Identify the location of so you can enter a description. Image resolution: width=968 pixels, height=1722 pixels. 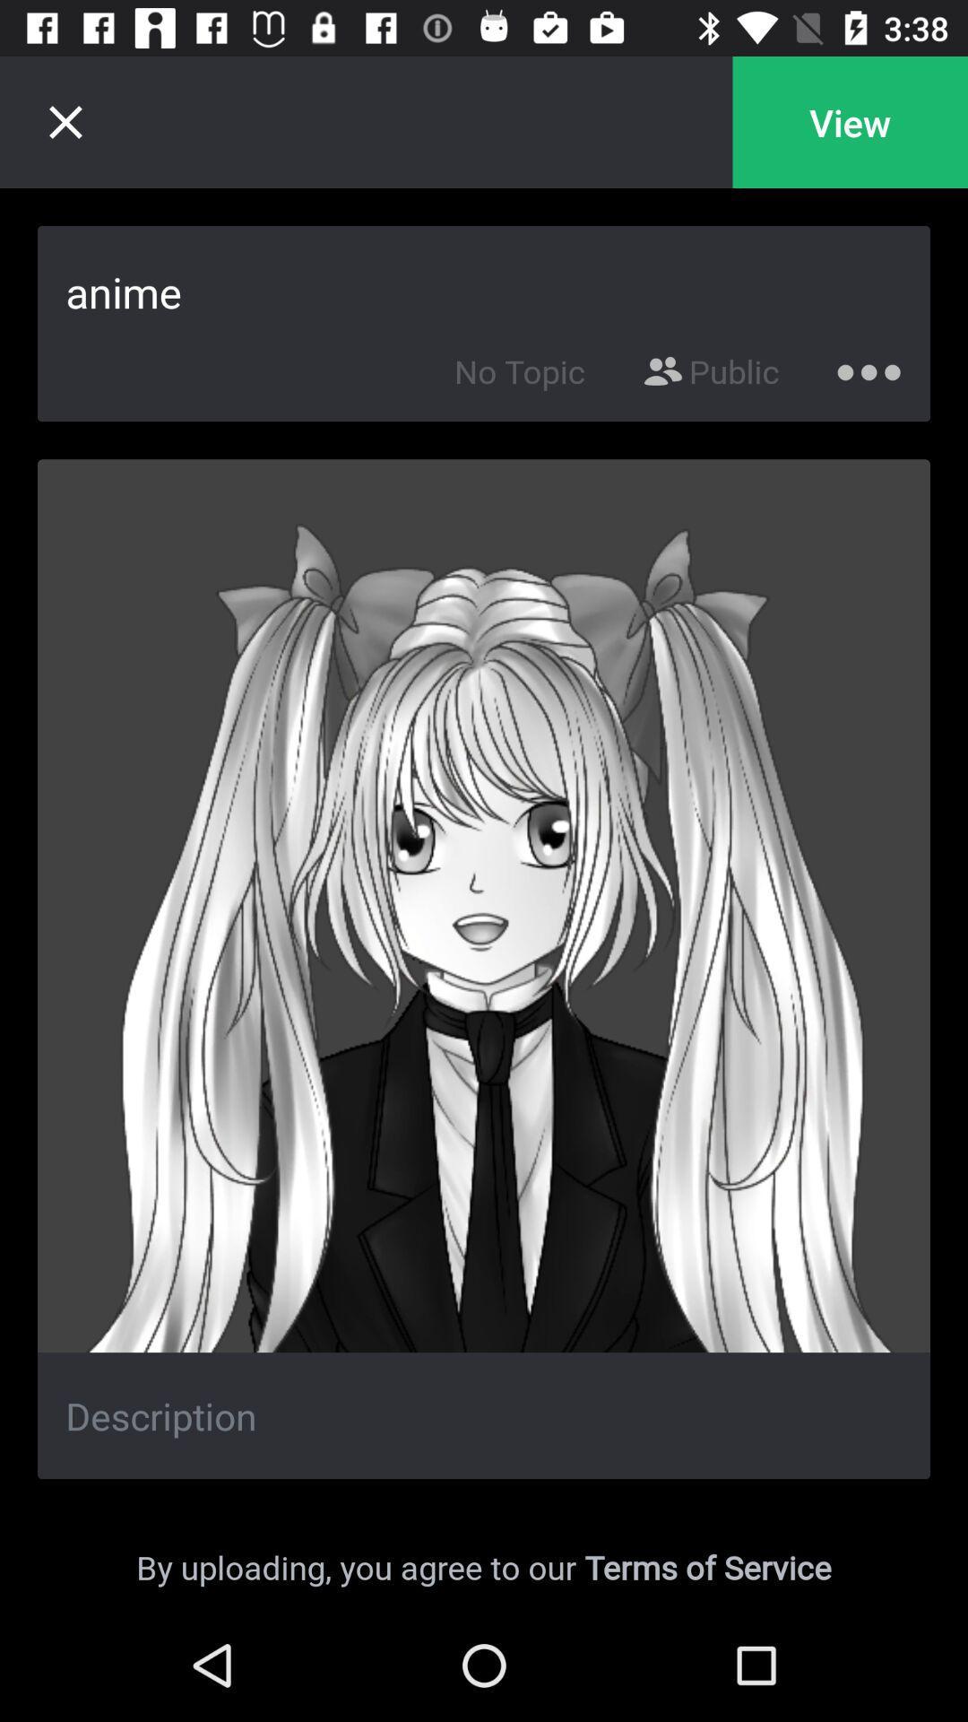
(484, 1414).